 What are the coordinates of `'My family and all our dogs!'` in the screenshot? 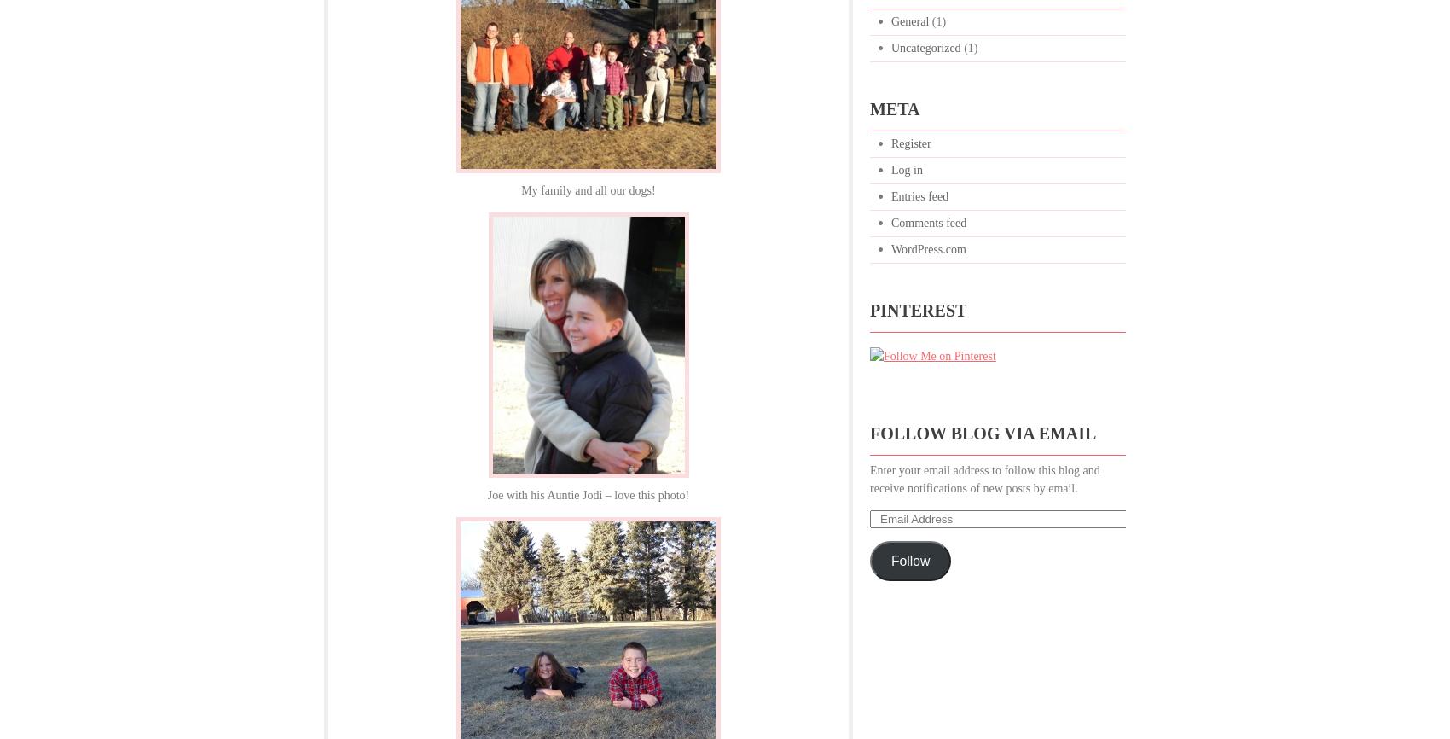 It's located at (519, 189).